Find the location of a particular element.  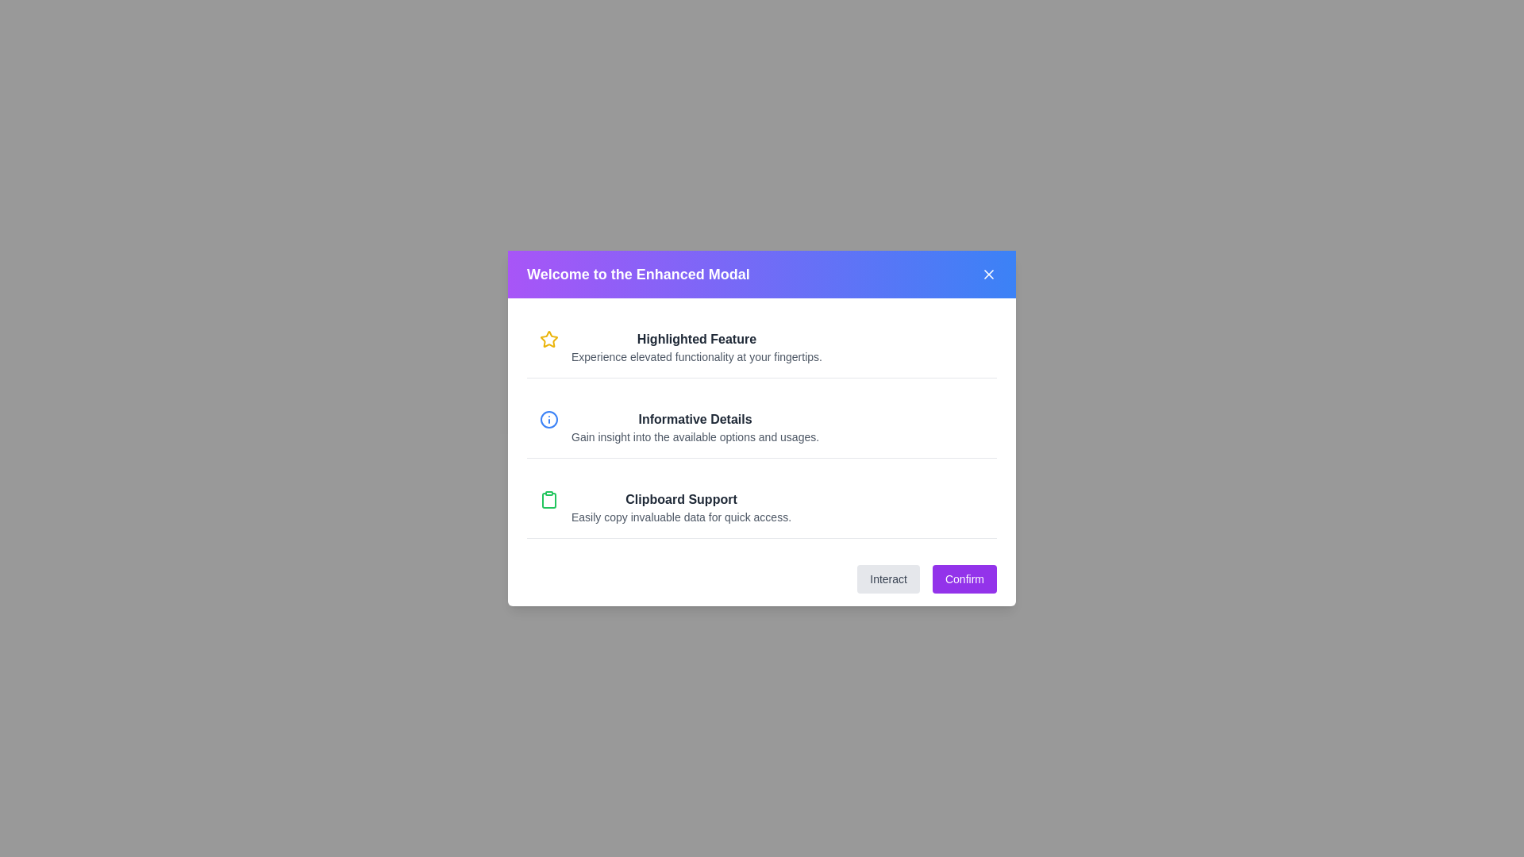

the displayed information in the 'Clipboard Support' Information Display Block, which features a bold title and a descriptive text in a clean white modal interface is located at coordinates (681, 508).